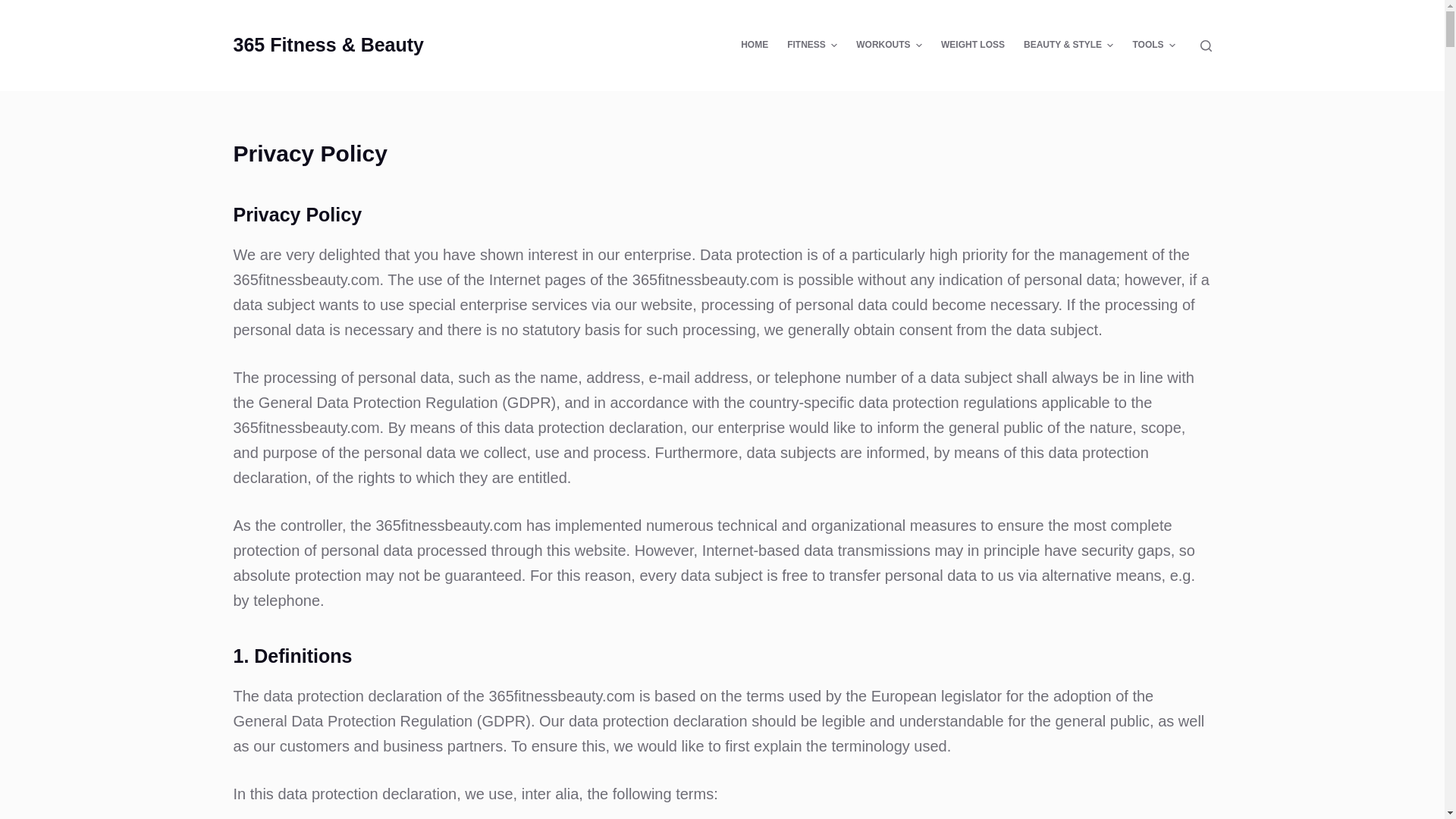 The height and width of the screenshot is (819, 1456). I want to click on 'Skip to content', so click(0, 8).